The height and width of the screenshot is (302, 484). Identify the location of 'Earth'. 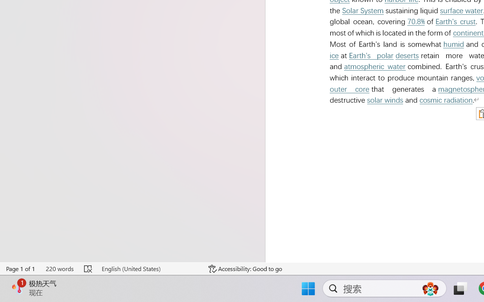
(455, 21).